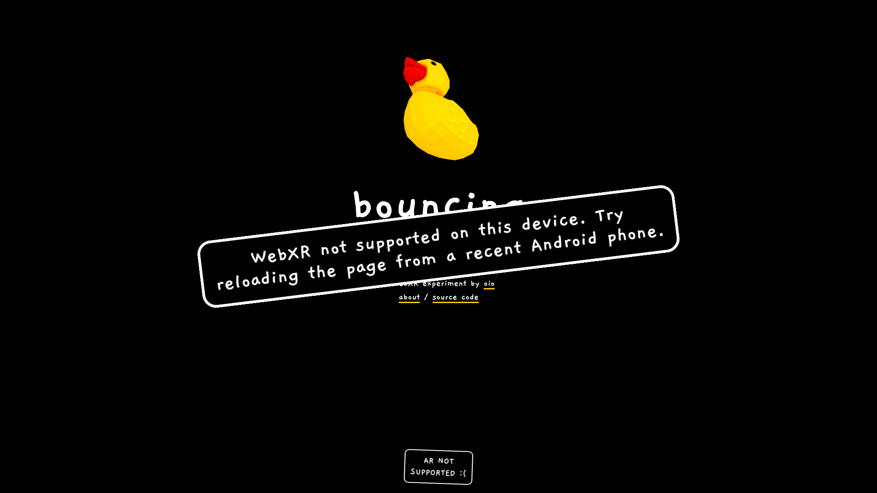 The height and width of the screenshot is (493, 877). I want to click on 'oio', so click(488, 283).